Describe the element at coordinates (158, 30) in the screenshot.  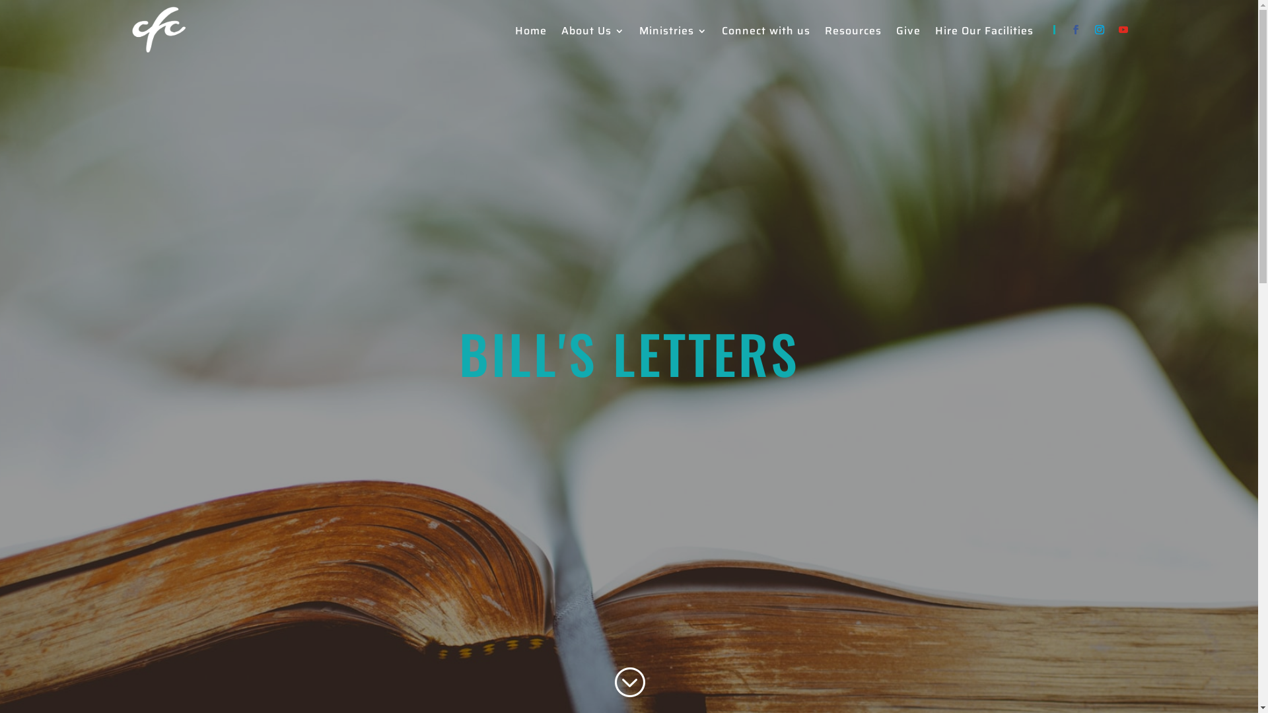
I see `'cfc'` at that location.